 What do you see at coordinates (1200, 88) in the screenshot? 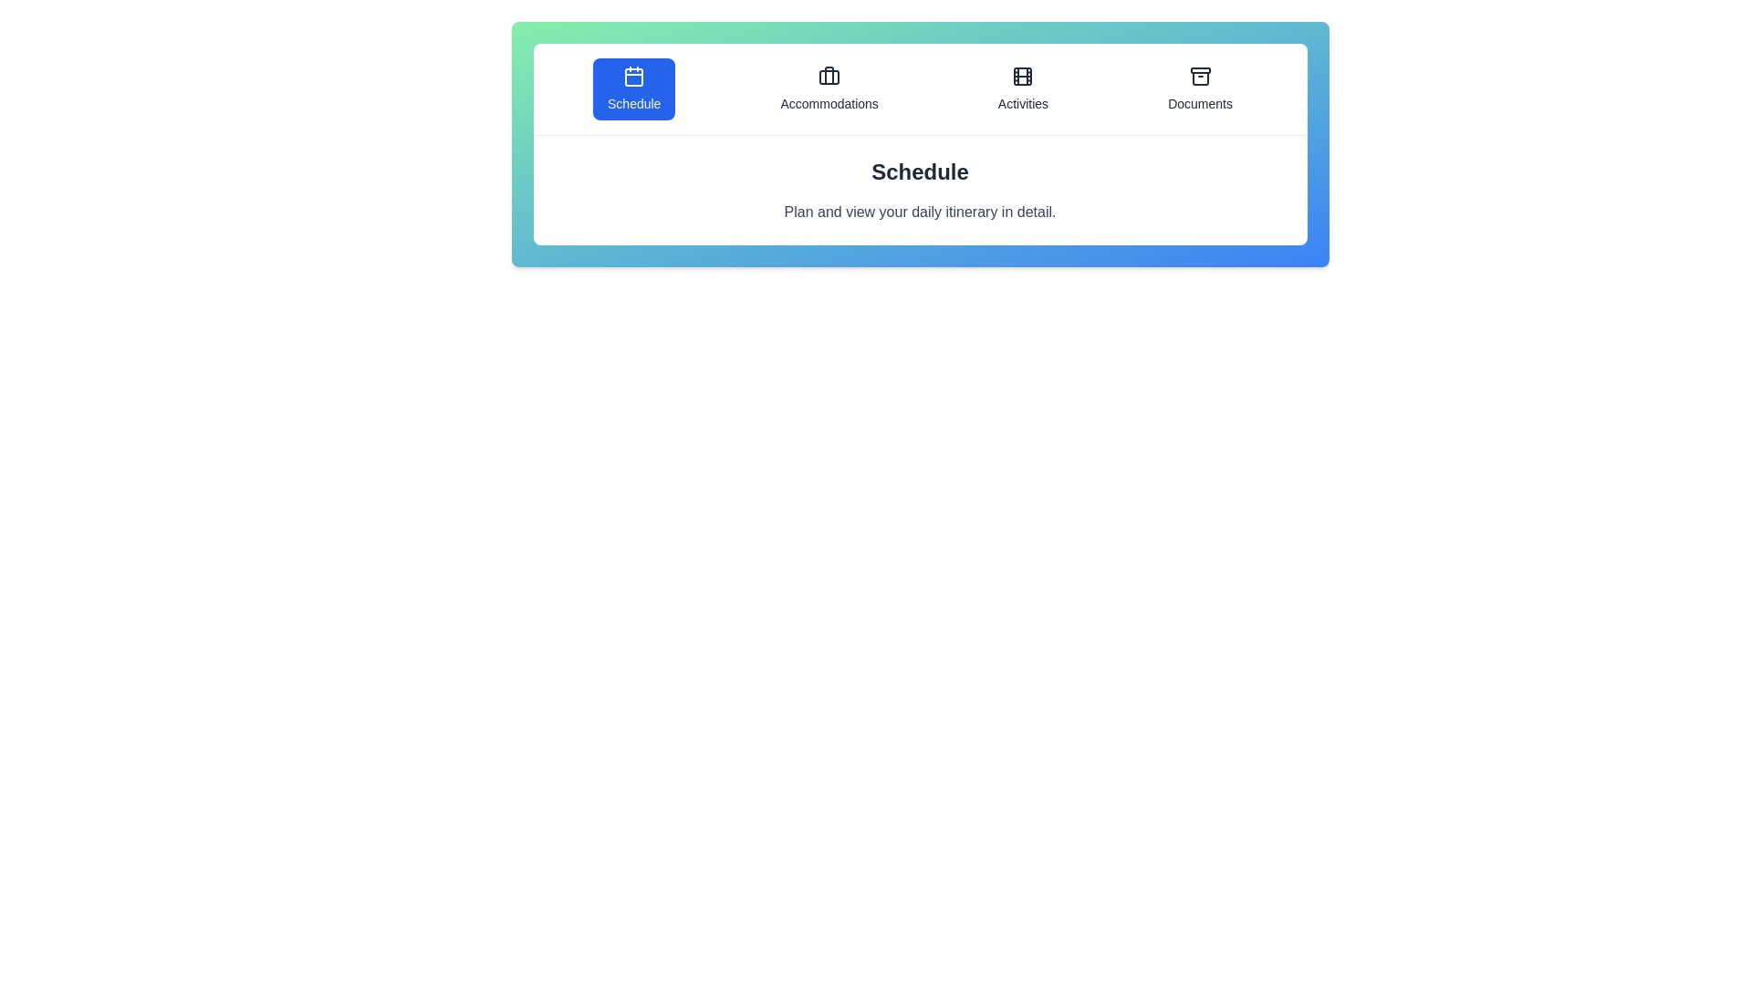
I see `the tab icon labeled Documents to display its tooltip` at bounding box center [1200, 88].